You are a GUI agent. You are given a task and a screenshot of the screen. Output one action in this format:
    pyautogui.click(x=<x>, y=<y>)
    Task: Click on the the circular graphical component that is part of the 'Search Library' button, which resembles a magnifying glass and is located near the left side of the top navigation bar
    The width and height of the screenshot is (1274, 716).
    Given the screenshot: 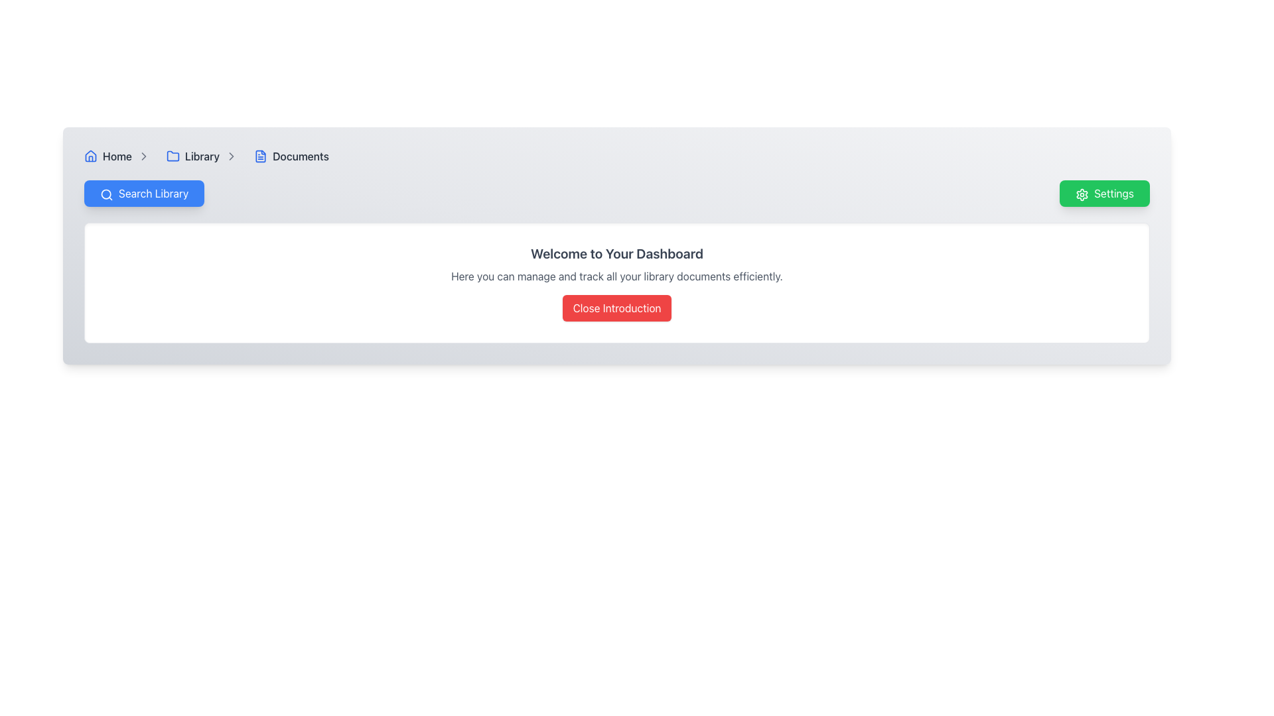 What is the action you would take?
    pyautogui.click(x=106, y=194)
    